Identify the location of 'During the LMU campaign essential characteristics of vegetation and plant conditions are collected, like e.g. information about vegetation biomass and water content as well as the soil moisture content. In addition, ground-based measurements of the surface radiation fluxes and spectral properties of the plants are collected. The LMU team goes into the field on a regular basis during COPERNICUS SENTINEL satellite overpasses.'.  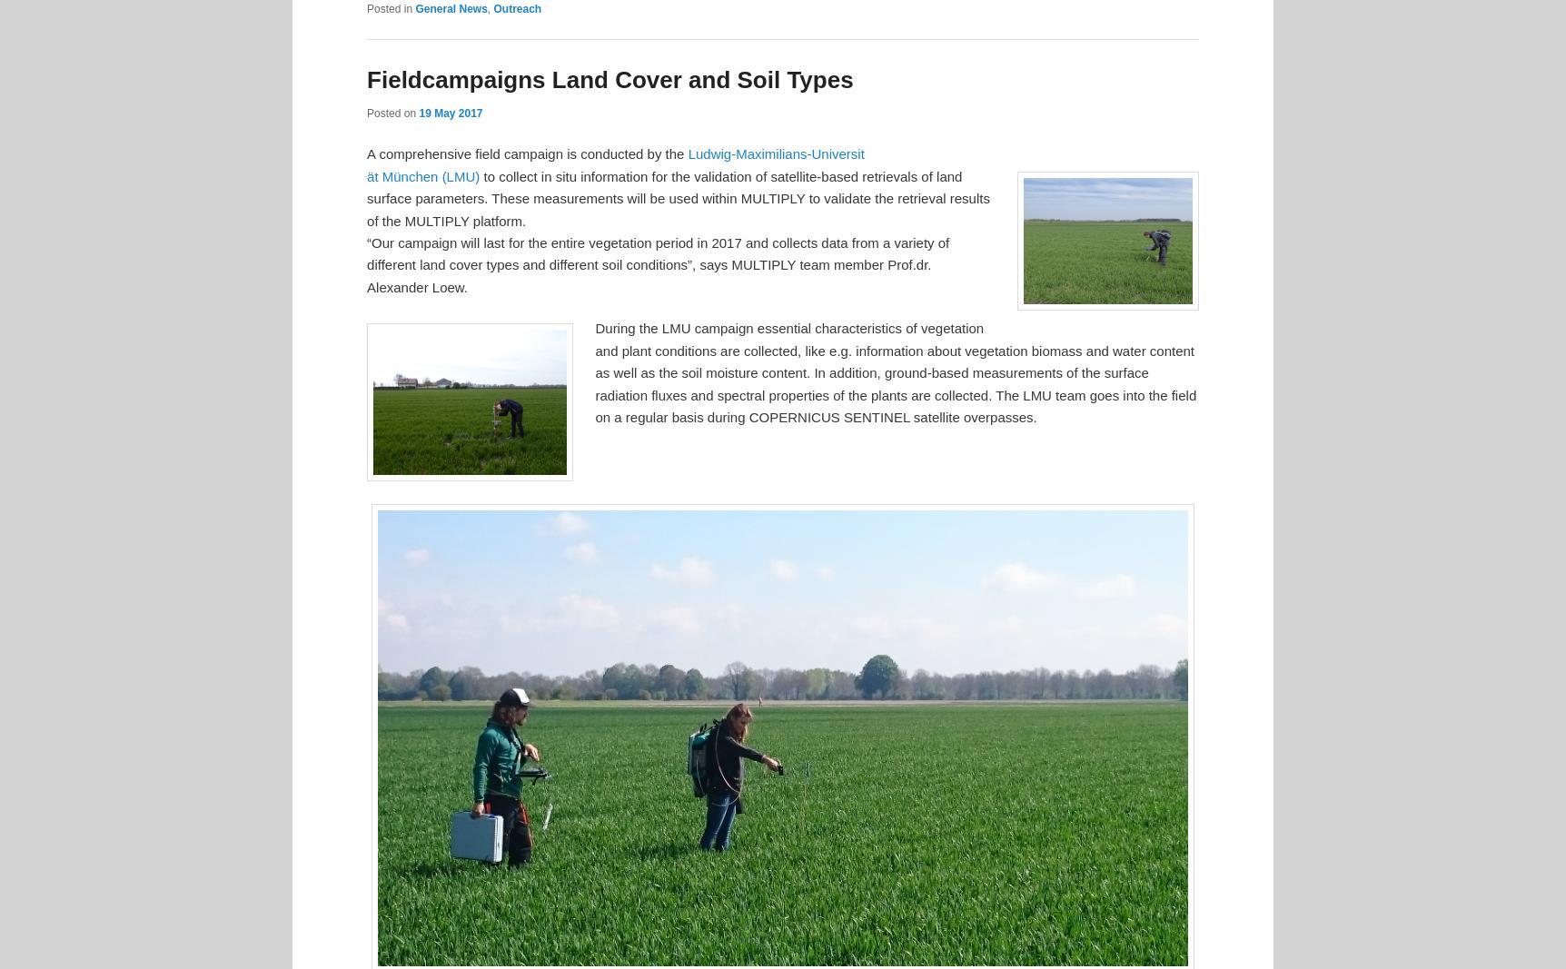
(894, 371).